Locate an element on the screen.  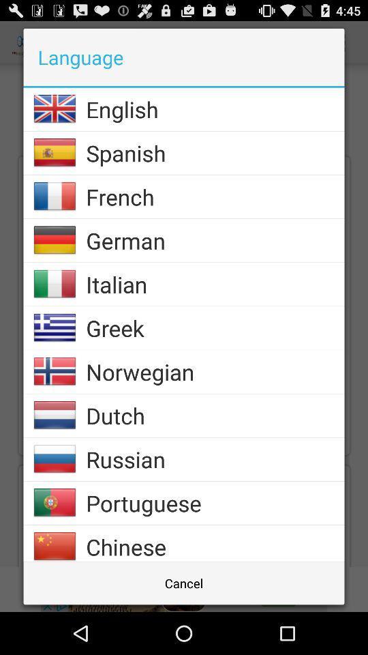
the app above the greek is located at coordinates (215, 283).